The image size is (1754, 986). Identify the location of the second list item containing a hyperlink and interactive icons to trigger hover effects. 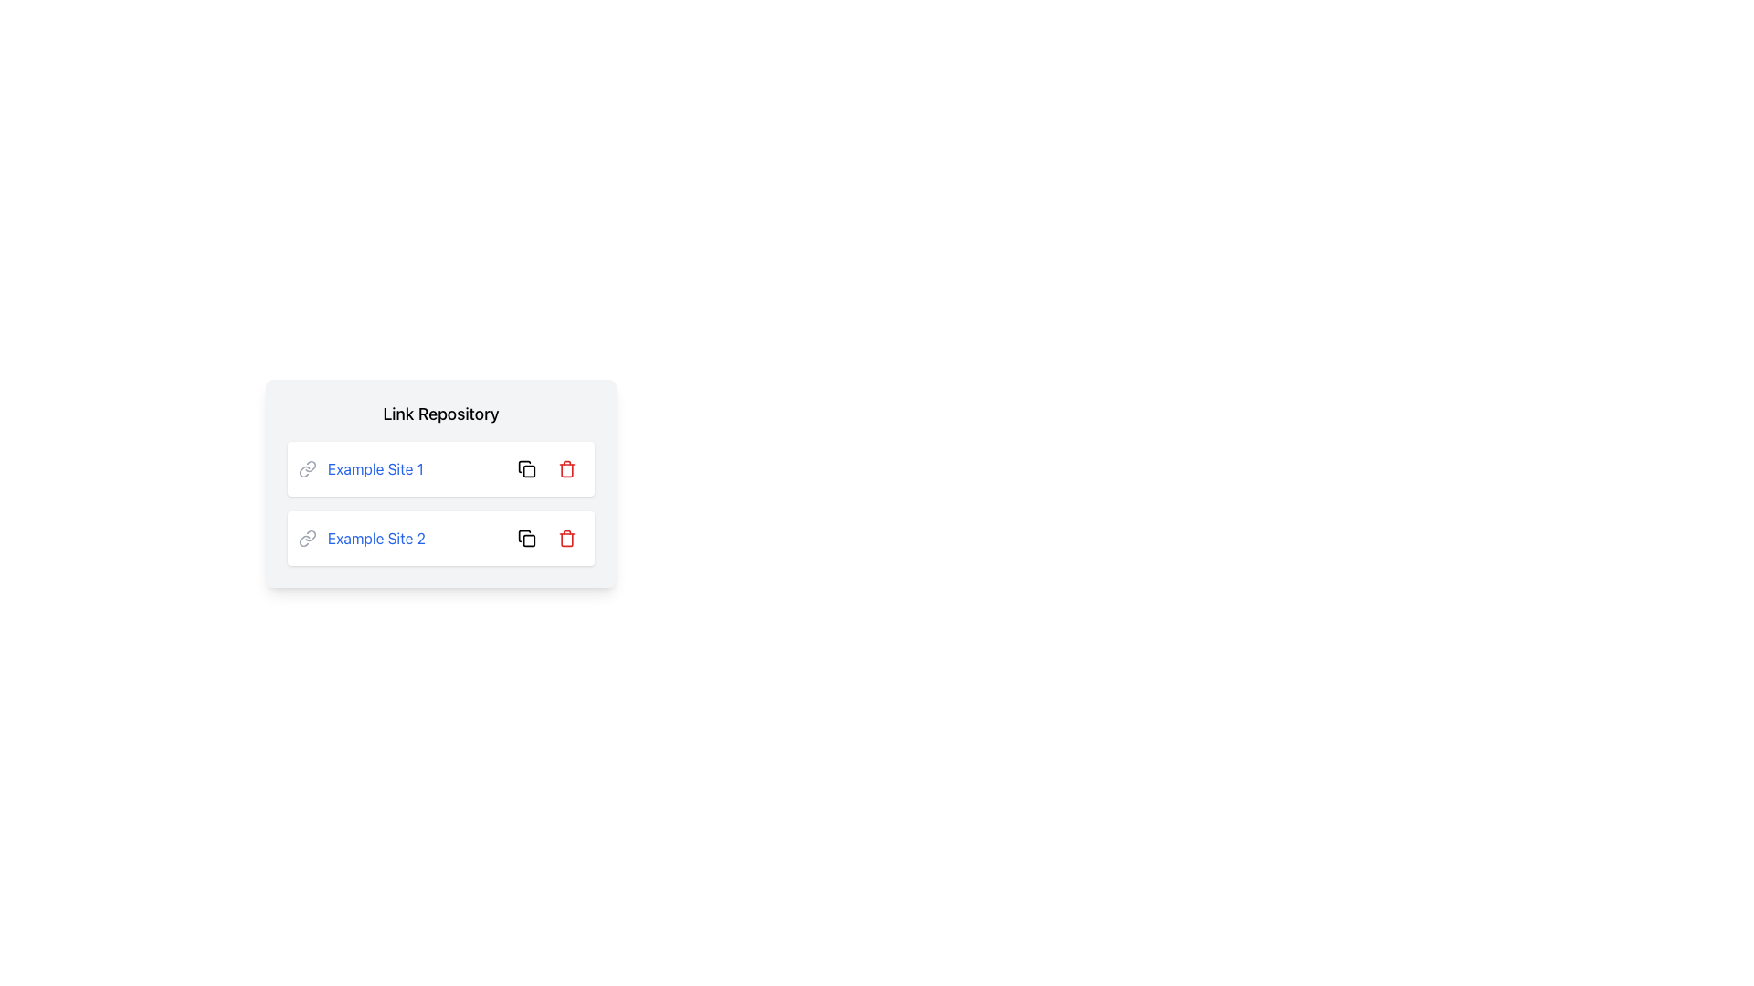
(441, 538).